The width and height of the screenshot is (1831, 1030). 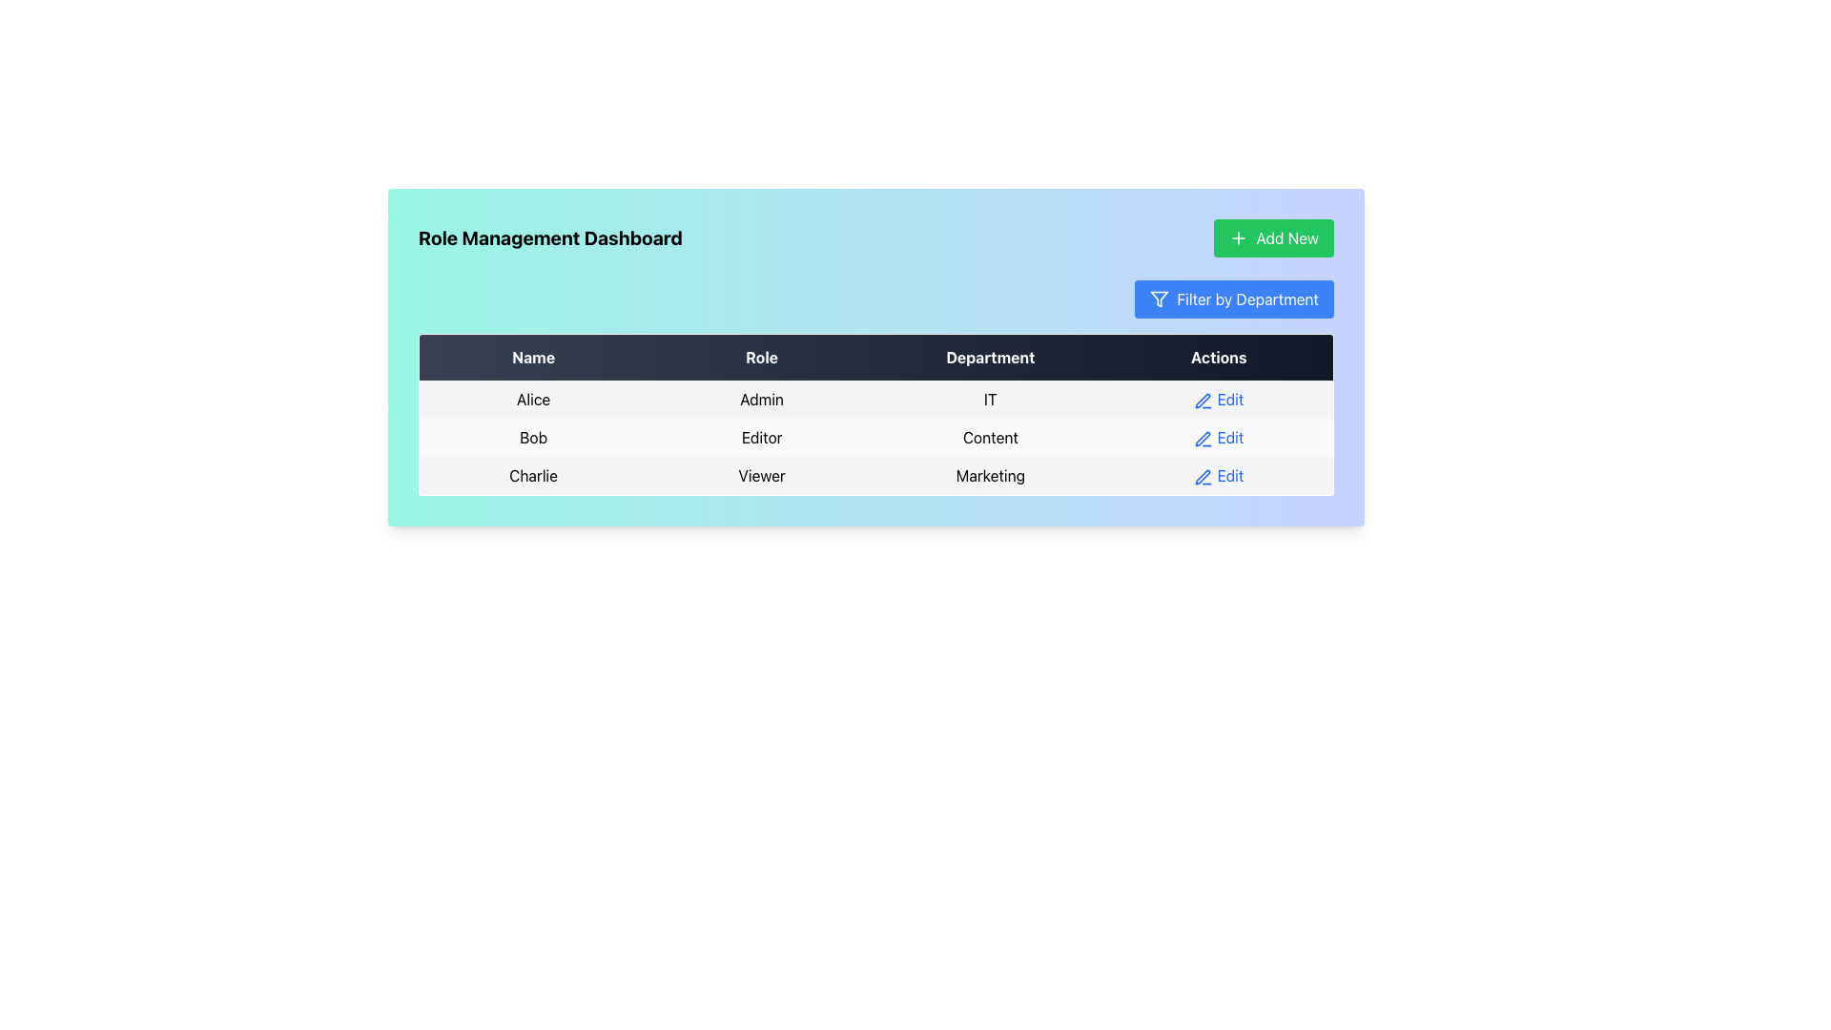 What do you see at coordinates (533, 438) in the screenshot?
I see `the static text element displaying 'Bob', located in the second row and first column of the table under the 'Name' header` at bounding box center [533, 438].